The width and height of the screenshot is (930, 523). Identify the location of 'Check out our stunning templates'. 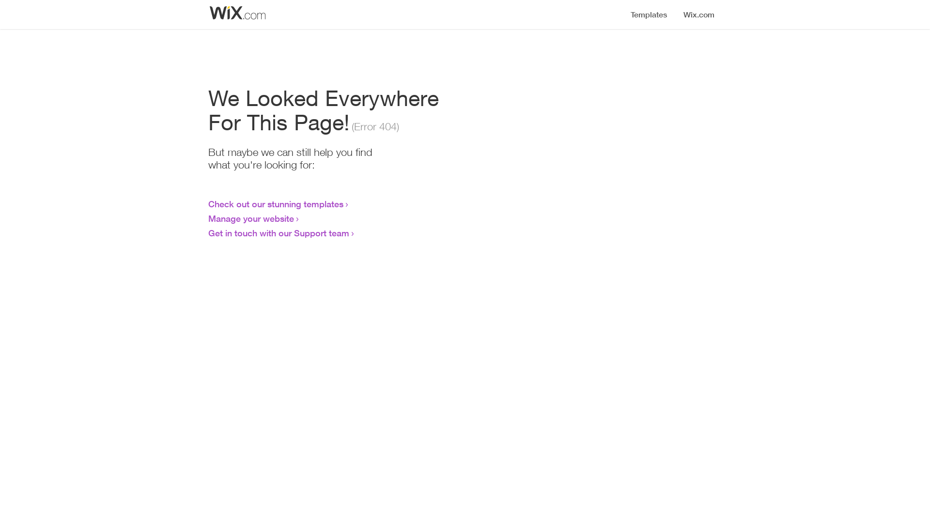
(275, 203).